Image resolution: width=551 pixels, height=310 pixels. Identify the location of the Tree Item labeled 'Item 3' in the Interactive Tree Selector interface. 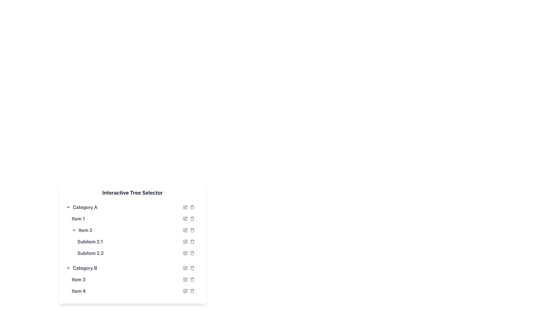
(132, 279).